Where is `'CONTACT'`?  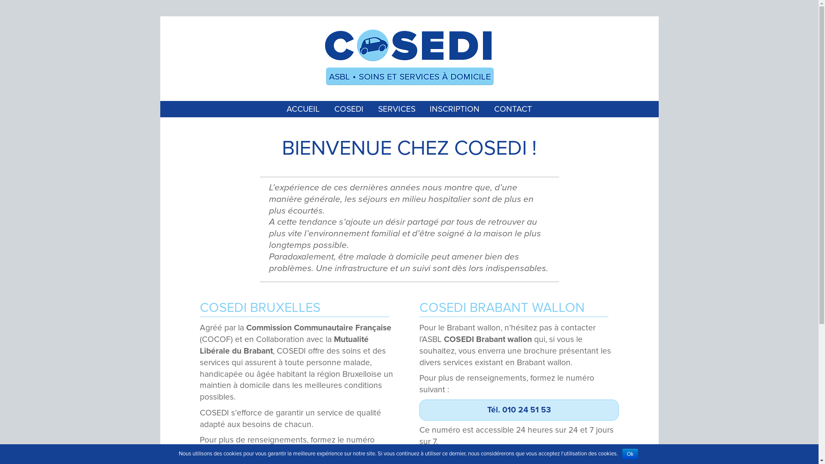 'CONTACT' is located at coordinates (513, 108).